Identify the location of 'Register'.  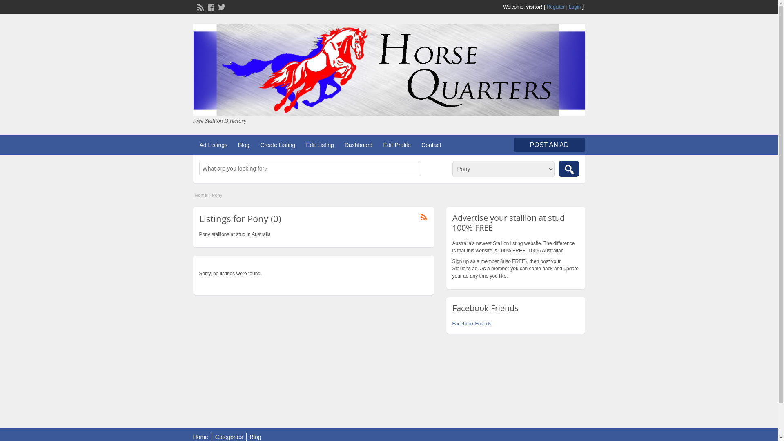
(555, 7).